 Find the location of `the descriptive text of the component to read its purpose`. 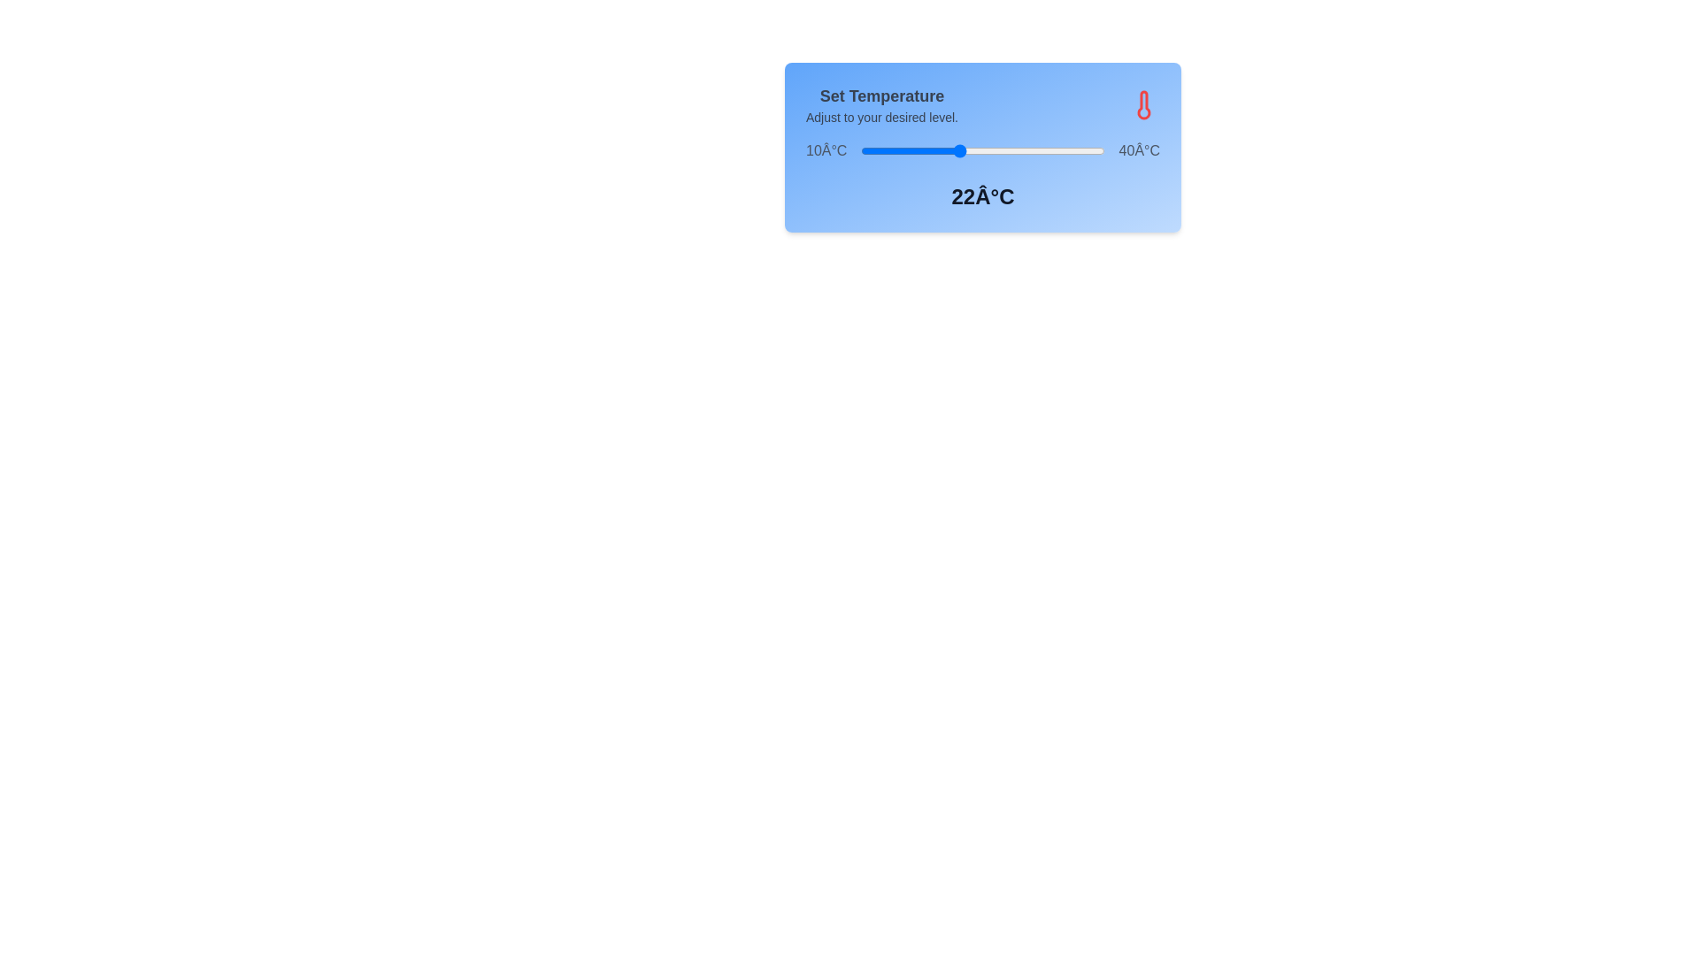

the descriptive text of the component to read its purpose is located at coordinates (881, 105).